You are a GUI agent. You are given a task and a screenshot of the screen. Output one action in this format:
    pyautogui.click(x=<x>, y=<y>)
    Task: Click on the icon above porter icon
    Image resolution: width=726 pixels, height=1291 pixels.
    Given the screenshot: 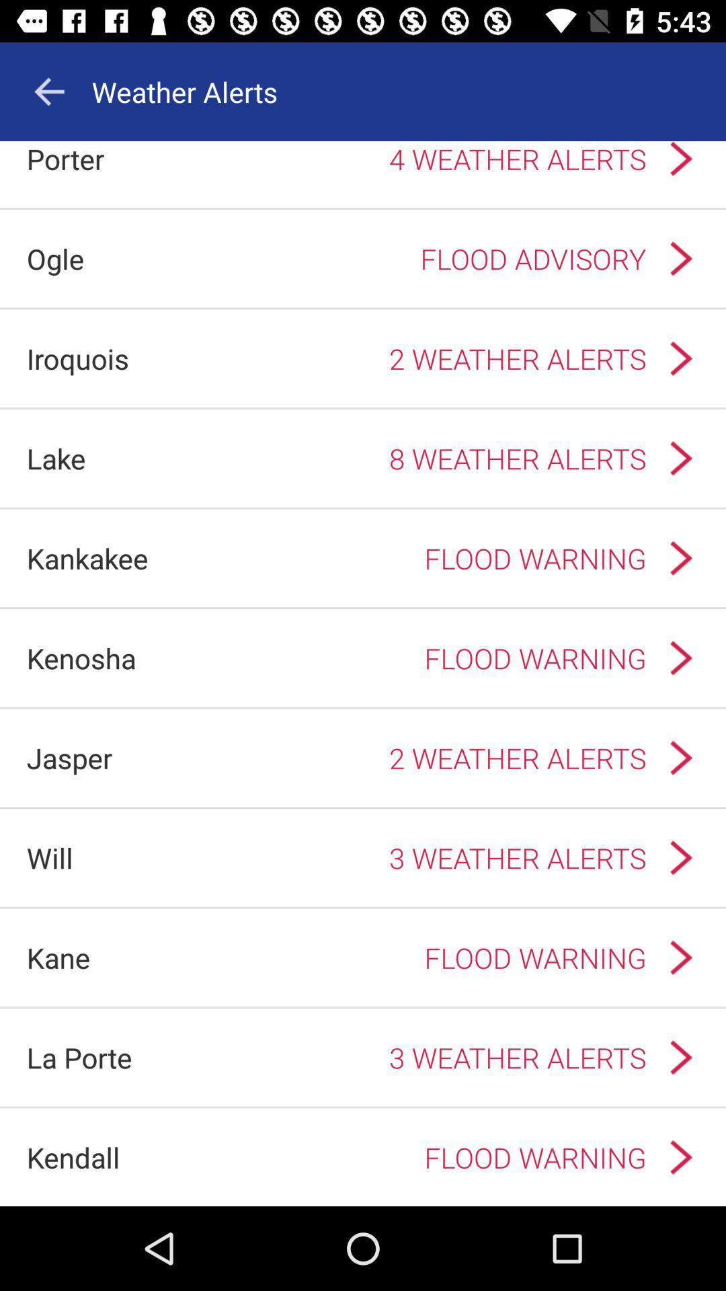 What is the action you would take?
    pyautogui.click(x=48, y=91)
    